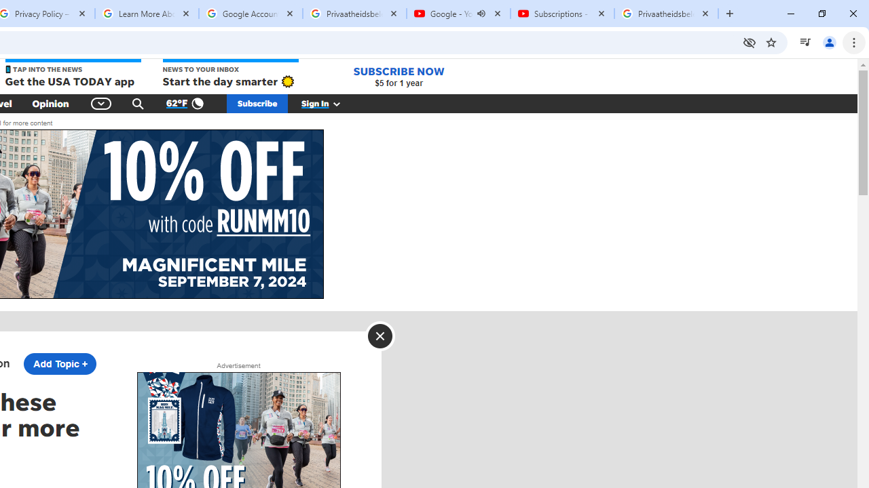  I want to click on 'Global Navigation', so click(100, 103).